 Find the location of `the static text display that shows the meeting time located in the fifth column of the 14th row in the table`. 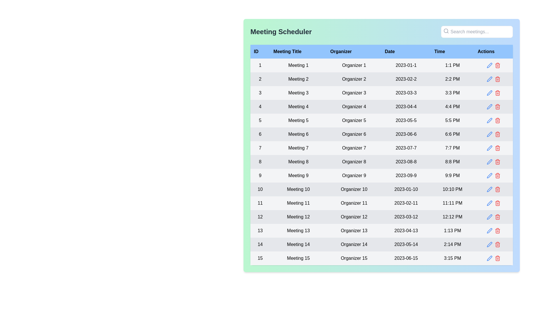

the static text display that shows the meeting time located in the fifth column of the 14th row in the table is located at coordinates (452, 245).